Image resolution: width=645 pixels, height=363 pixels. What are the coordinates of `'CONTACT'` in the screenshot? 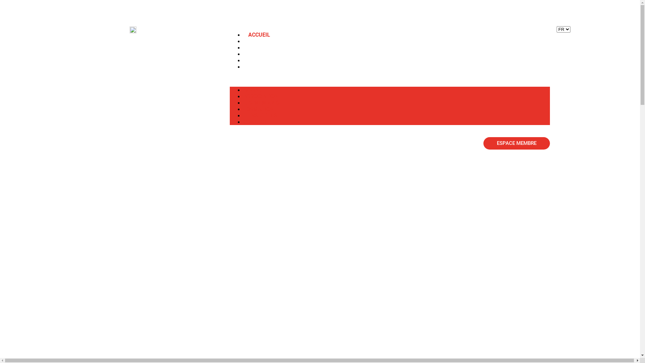 It's located at (260, 67).